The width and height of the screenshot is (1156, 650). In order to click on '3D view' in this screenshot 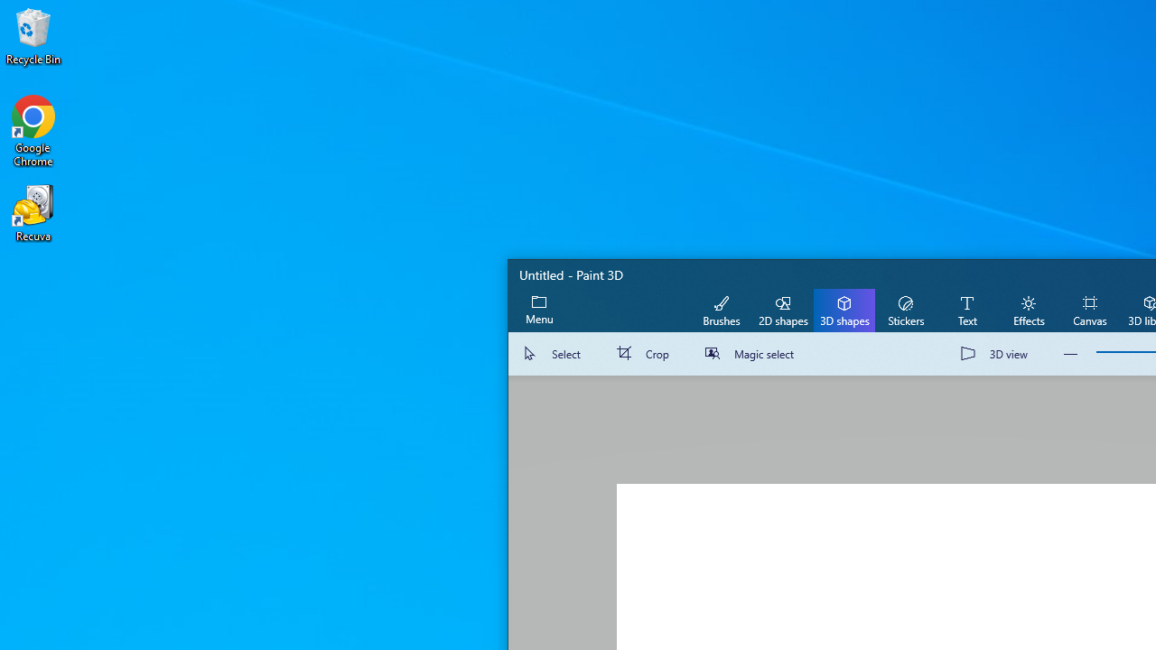, I will do `click(997, 354)`.